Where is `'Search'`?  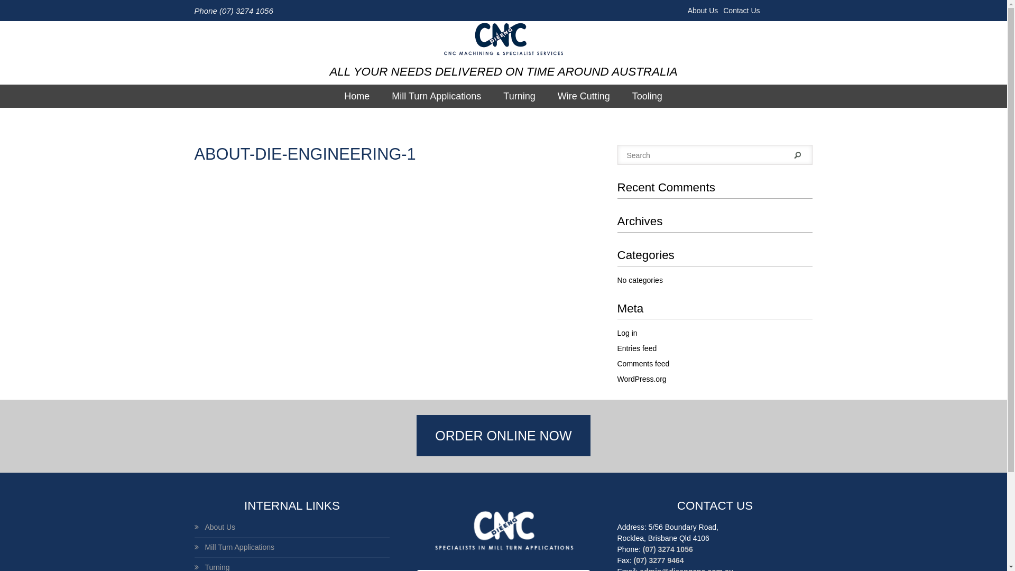
'Search' is located at coordinates (797, 155).